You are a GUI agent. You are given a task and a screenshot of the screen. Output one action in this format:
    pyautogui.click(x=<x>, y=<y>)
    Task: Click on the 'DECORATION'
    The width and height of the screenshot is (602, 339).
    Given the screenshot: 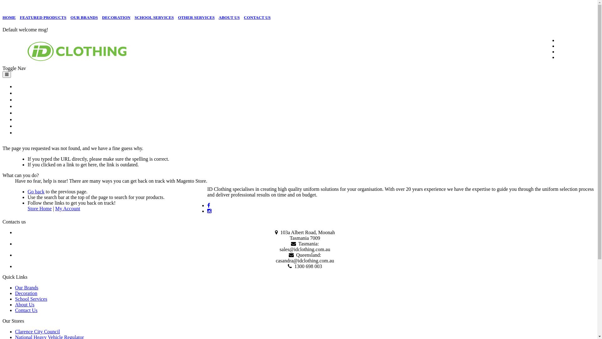 What is the action you would take?
    pyautogui.click(x=116, y=17)
    